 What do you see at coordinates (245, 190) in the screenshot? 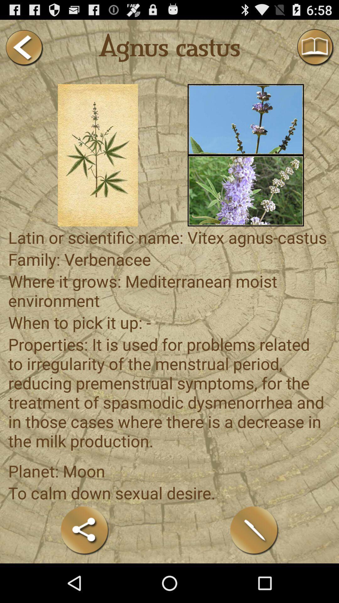
I see `selects picture` at bounding box center [245, 190].